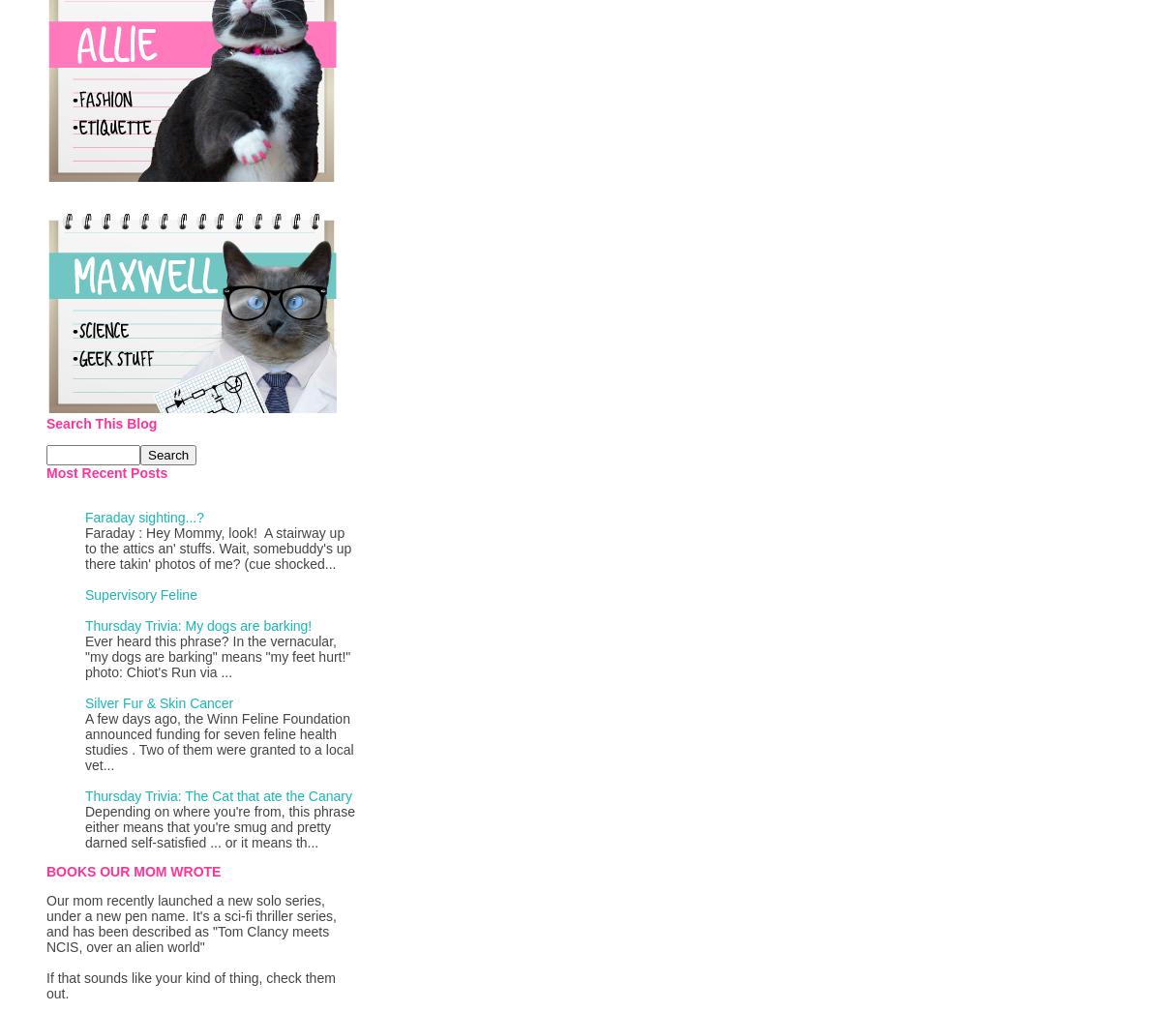  What do you see at coordinates (100, 422) in the screenshot?
I see `'Search This Blog'` at bounding box center [100, 422].